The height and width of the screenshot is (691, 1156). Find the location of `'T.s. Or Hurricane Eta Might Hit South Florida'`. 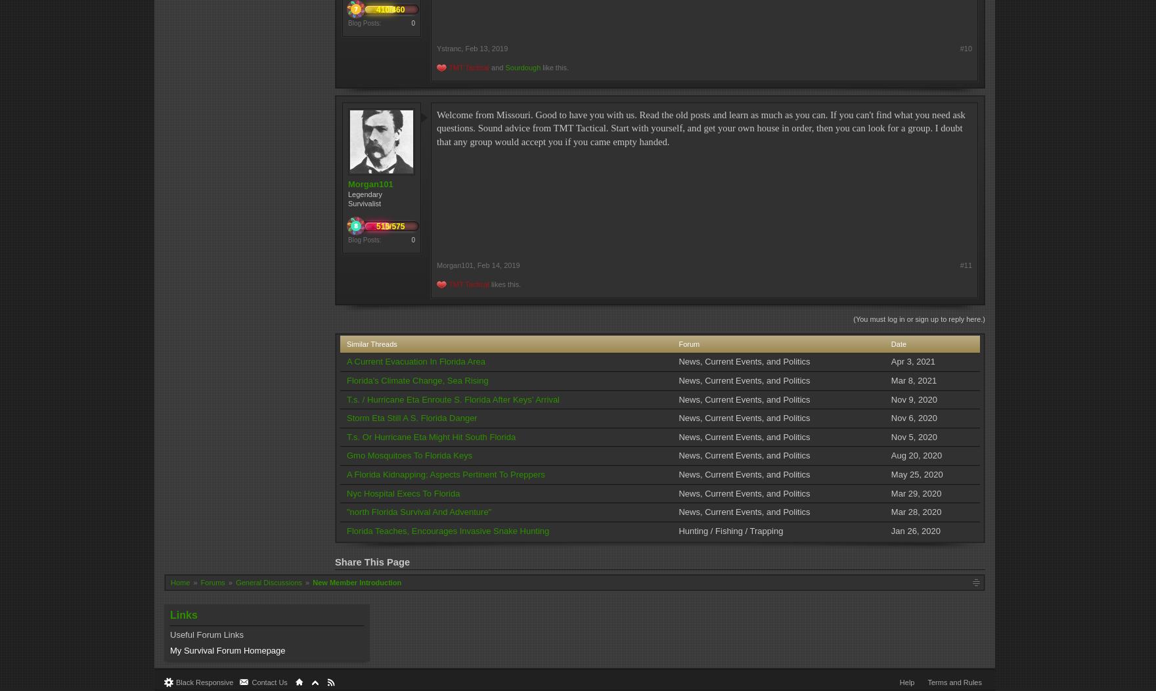

'T.s. Or Hurricane Eta Might Hit South Florida' is located at coordinates (431, 435).